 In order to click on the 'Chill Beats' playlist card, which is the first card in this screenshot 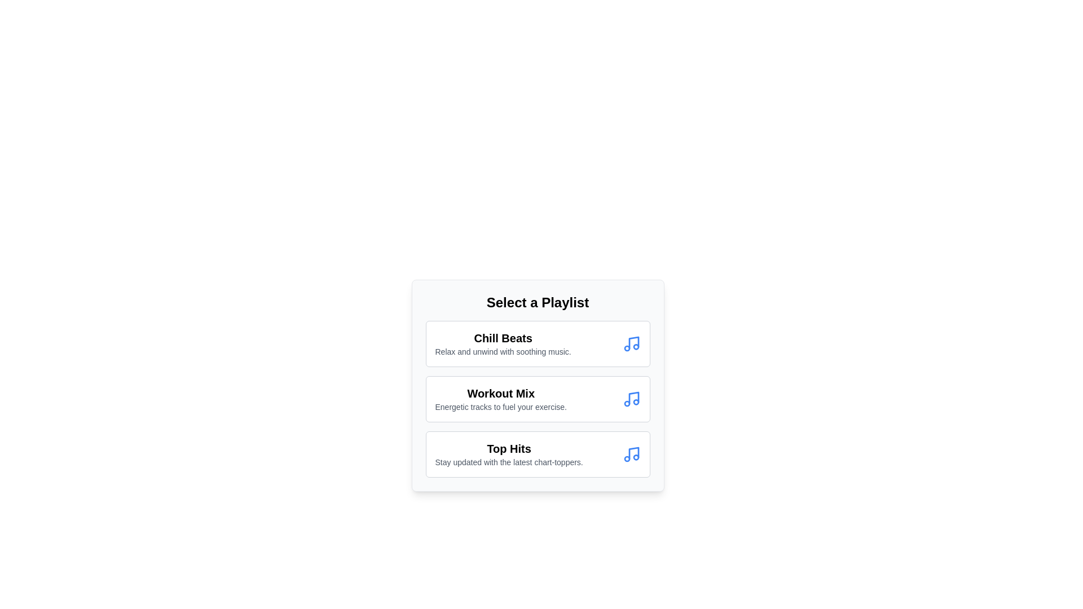, I will do `click(537, 343)`.